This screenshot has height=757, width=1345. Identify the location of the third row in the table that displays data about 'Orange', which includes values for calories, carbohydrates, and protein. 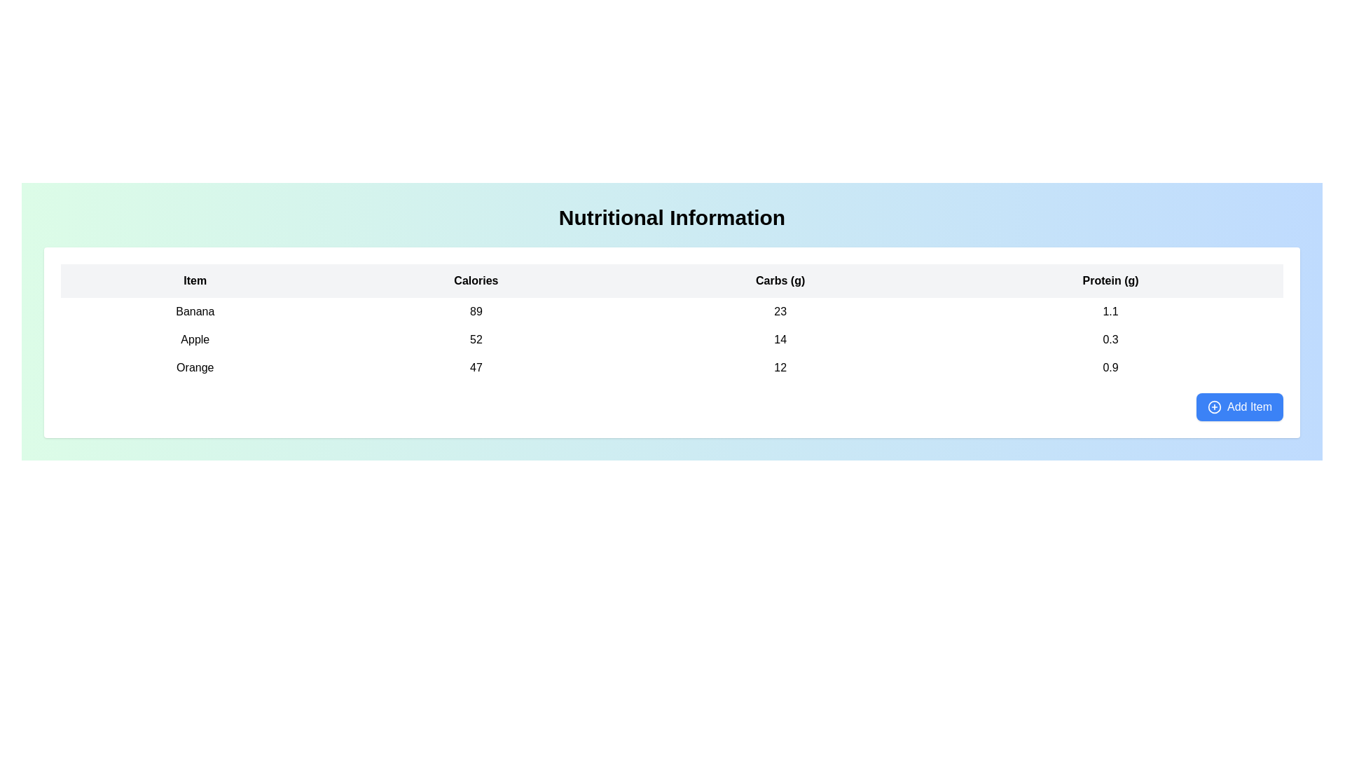
(671, 367).